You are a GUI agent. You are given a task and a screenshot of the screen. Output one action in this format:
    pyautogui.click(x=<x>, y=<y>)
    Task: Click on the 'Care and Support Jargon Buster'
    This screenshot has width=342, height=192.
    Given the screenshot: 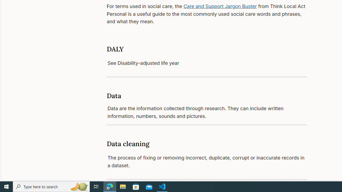 What is the action you would take?
    pyautogui.click(x=220, y=6)
    